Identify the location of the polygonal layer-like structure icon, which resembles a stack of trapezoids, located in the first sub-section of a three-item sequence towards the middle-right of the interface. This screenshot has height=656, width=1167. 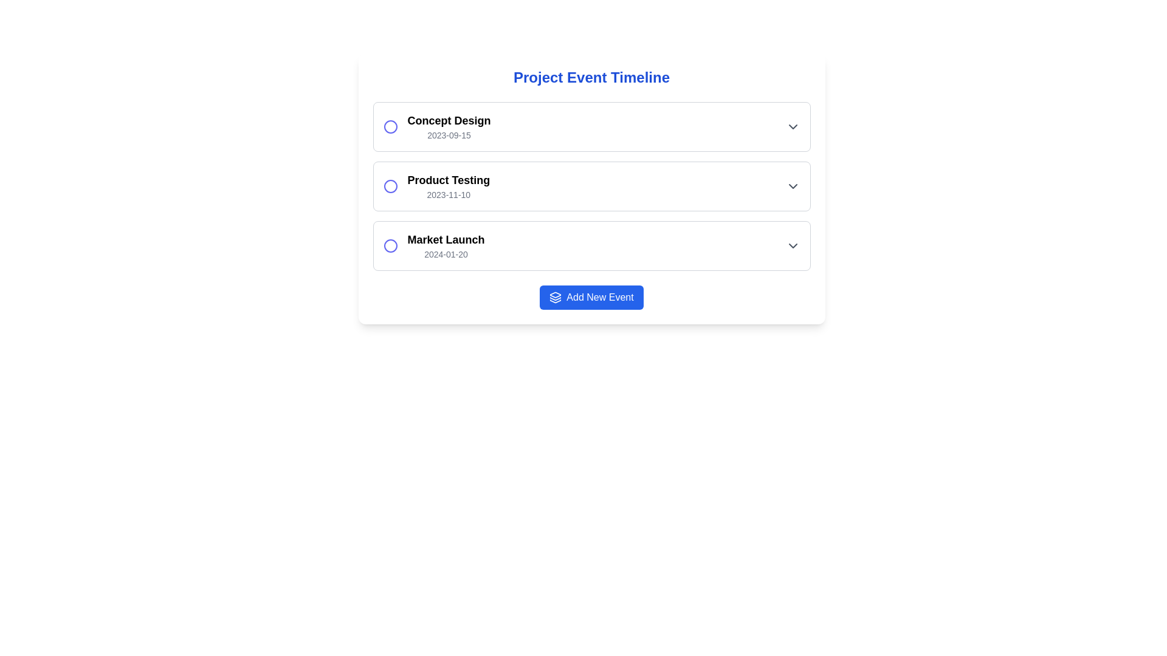
(555, 295).